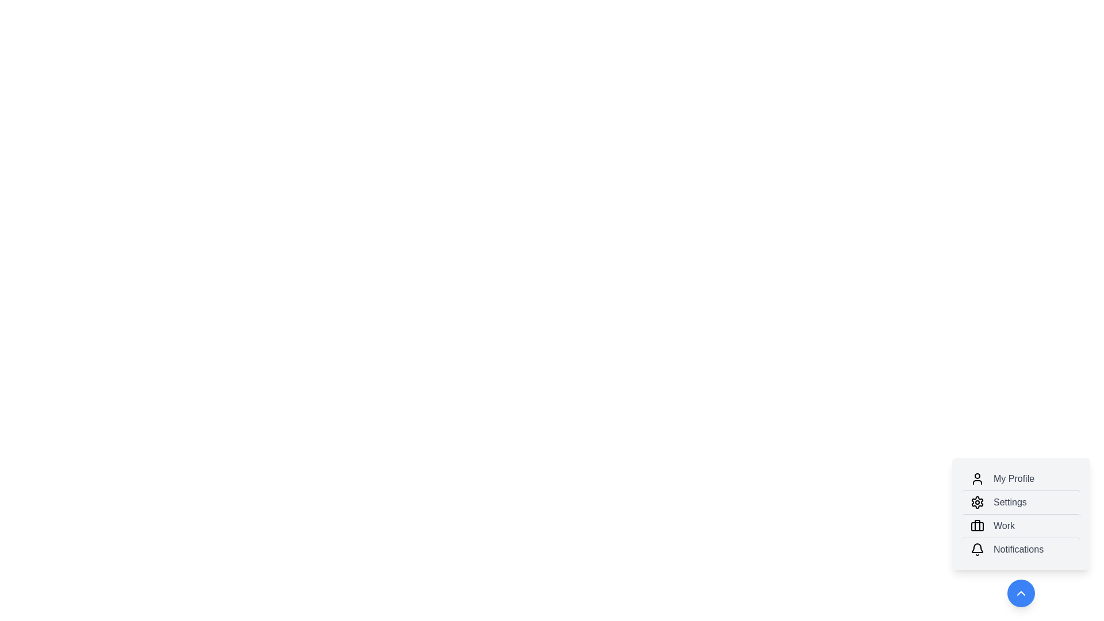 This screenshot has width=1104, height=621. I want to click on the menu item labeled 'Notifications', so click(1021, 549).